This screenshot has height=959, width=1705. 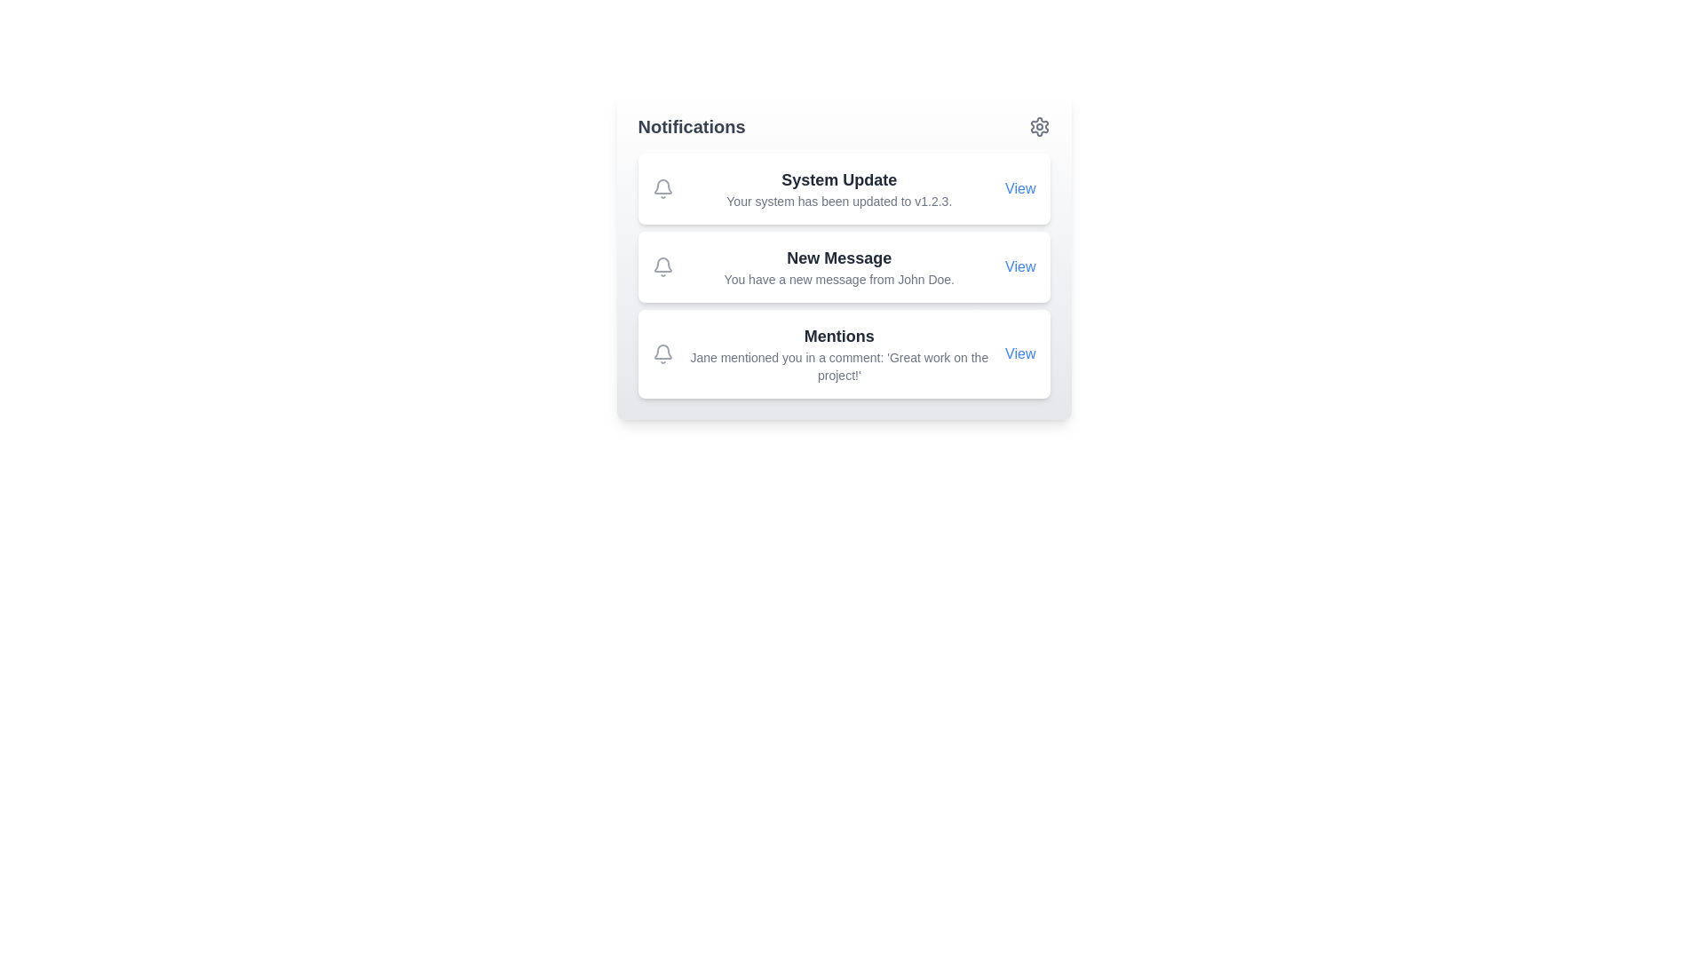 What do you see at coordinates (1020, 266) in the screenshot?
I see `'View' button for the notification titled 'New Message'` at bounding box center [1020, 266].